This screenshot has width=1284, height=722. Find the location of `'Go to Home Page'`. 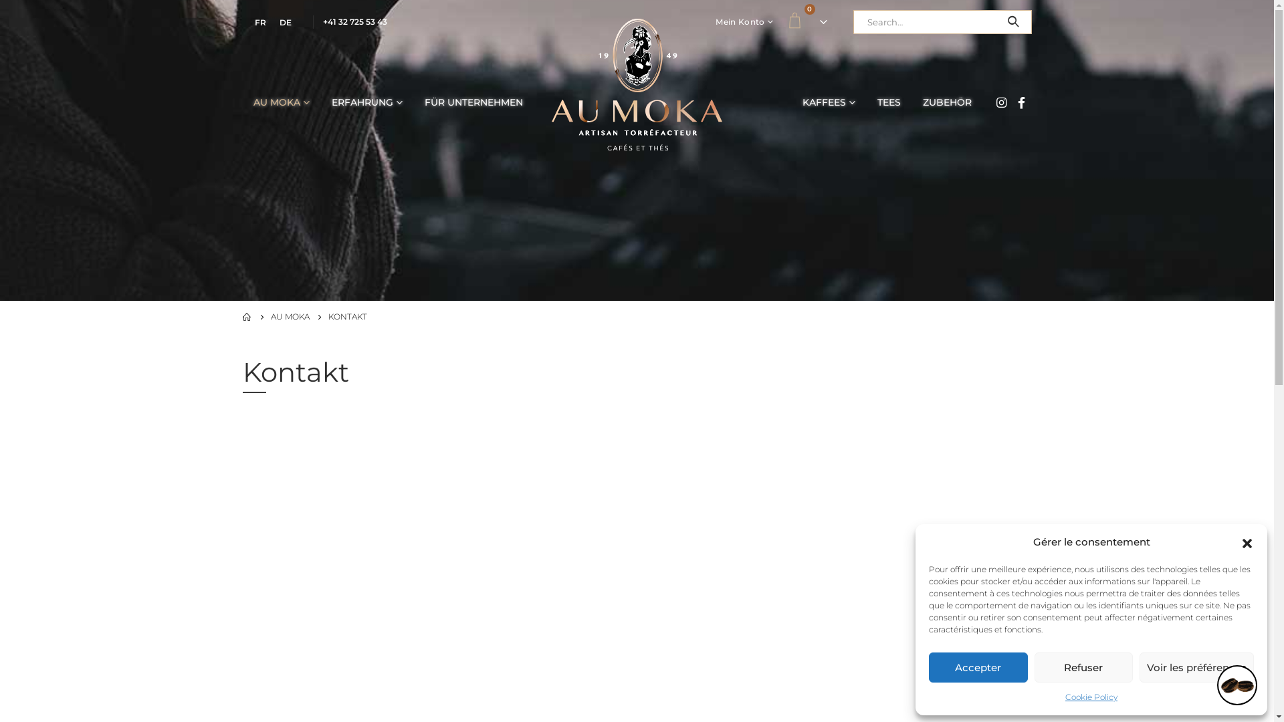

'Go to Home Page' is located at coordinates (241, 317).